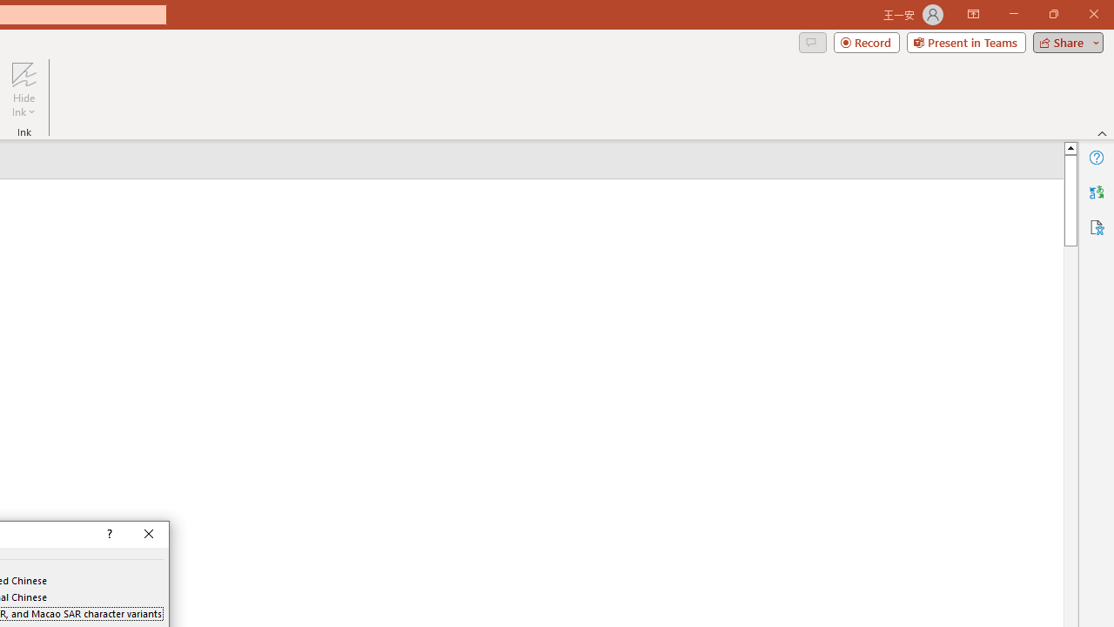  I want to click on 'Hide Ink', so click(23, 73).